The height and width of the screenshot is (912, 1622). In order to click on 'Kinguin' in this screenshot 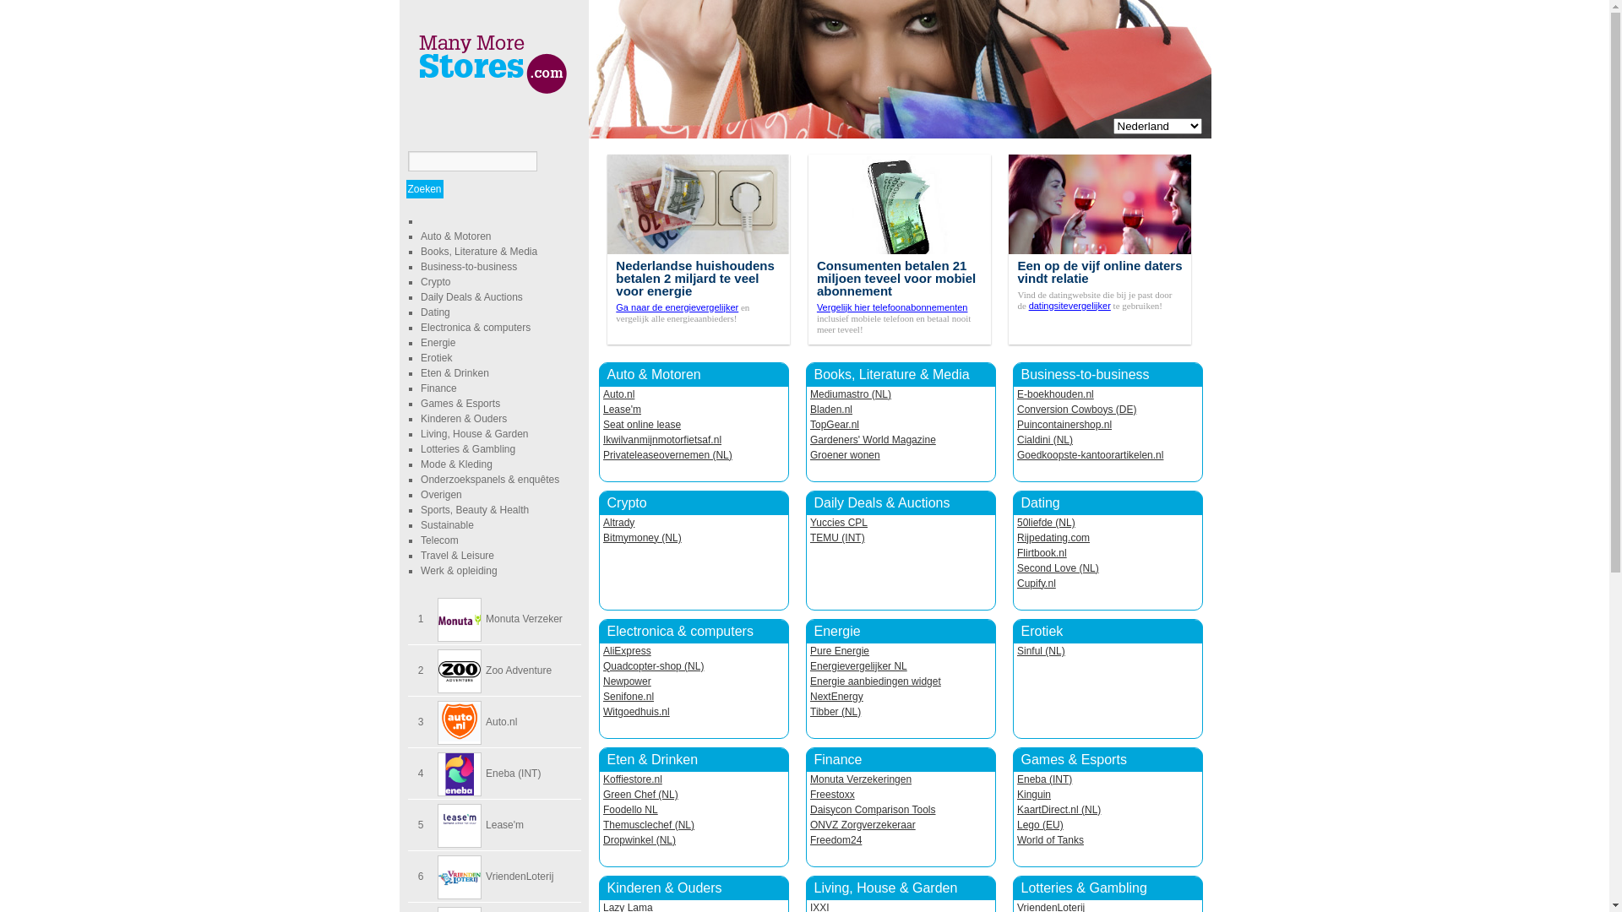, I will do `click(1033, 795)`.